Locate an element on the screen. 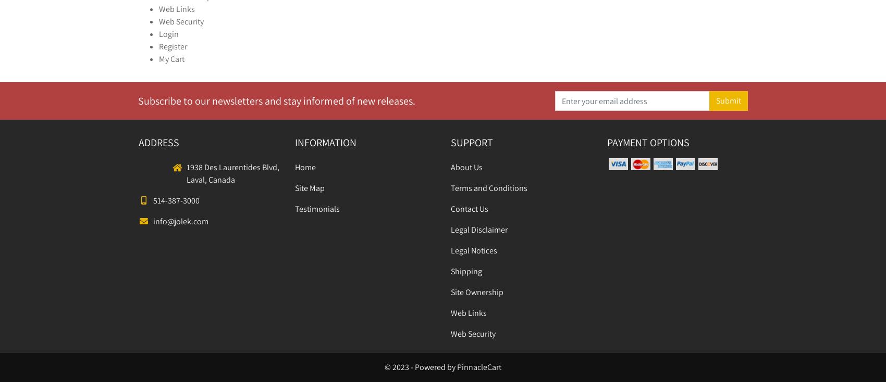  '© 2023 - Powered by' is located at coordinates (420, 367).